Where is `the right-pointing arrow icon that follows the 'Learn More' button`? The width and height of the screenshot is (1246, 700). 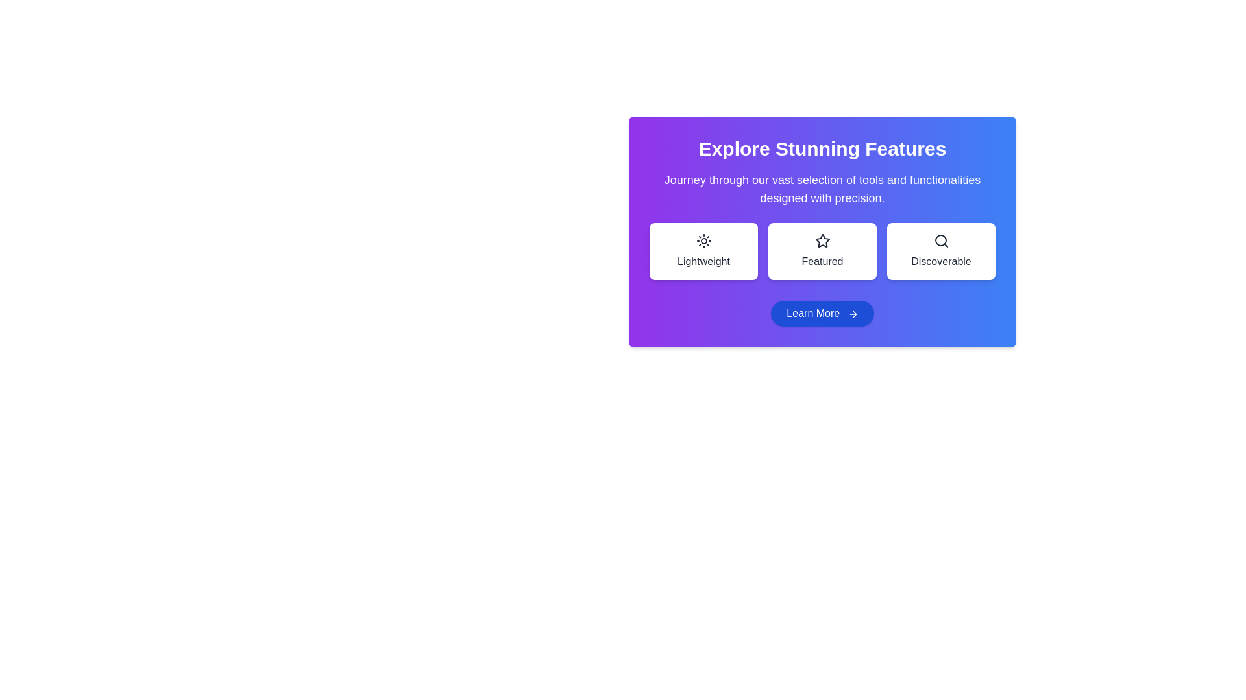 the right-pointing arrow icon that follows the 'Learn More' button is located at coordinates (853, 314).